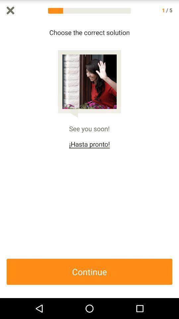  What do you see at coordinates (176, 159) in the screenshot?
I see `icon on the right` at bounding box center [176, 159].